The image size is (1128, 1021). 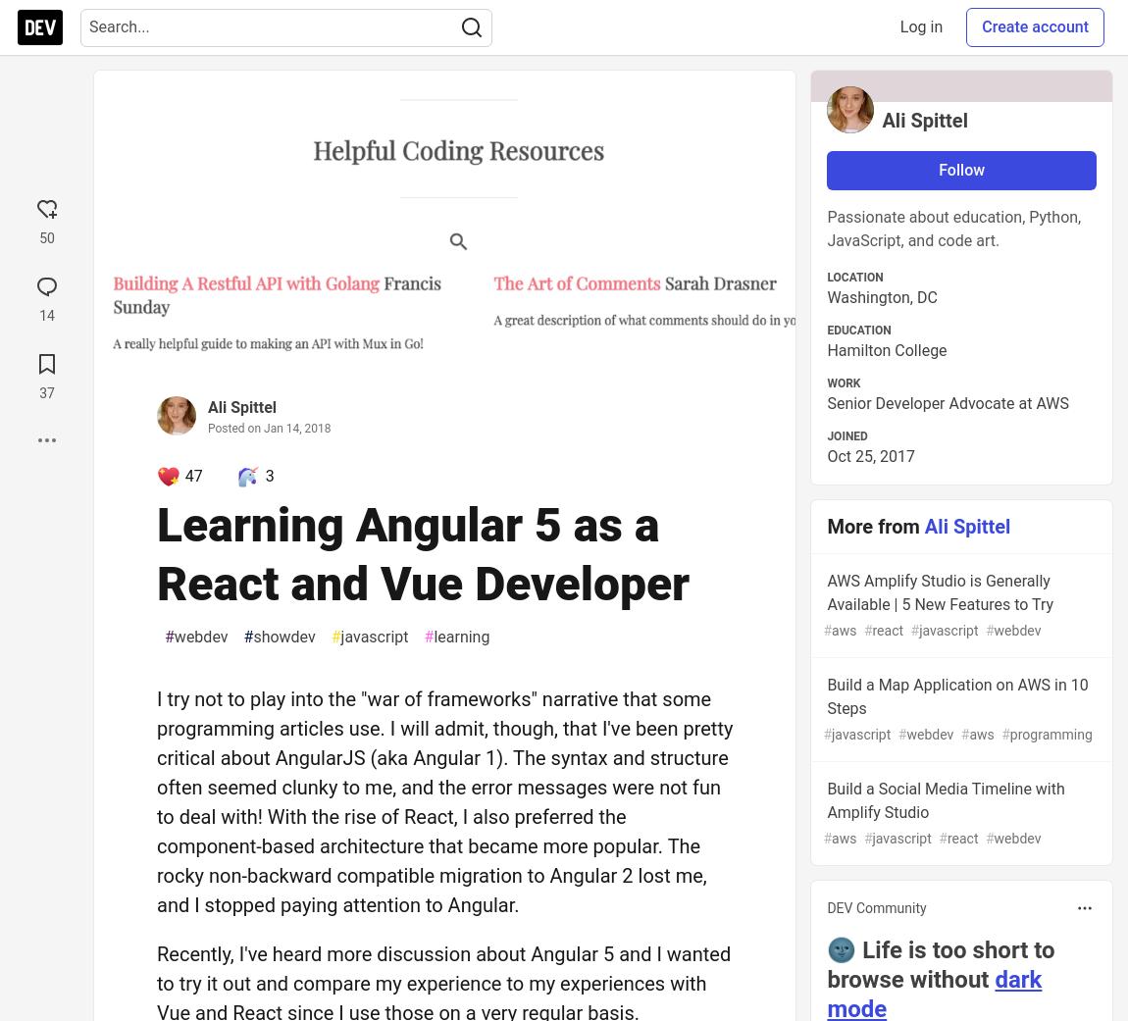 What do you see at coordinates (251, 636) in the screenshot?
I see `'showdev'` at bounding box center [251, 636].